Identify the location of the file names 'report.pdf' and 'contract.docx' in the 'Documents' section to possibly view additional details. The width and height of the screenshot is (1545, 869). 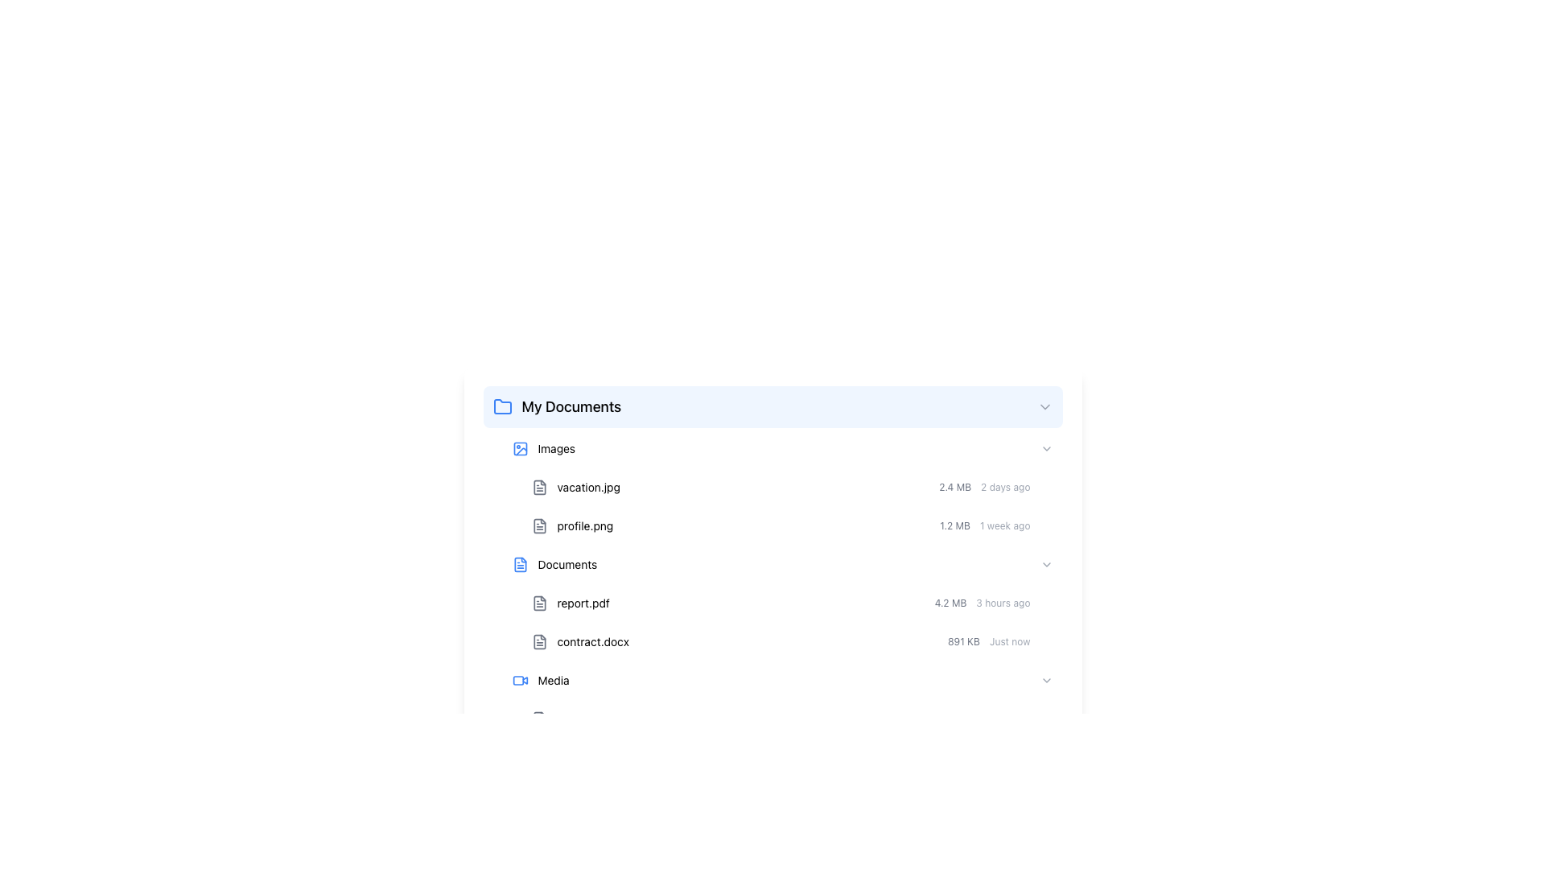
(782, 603).